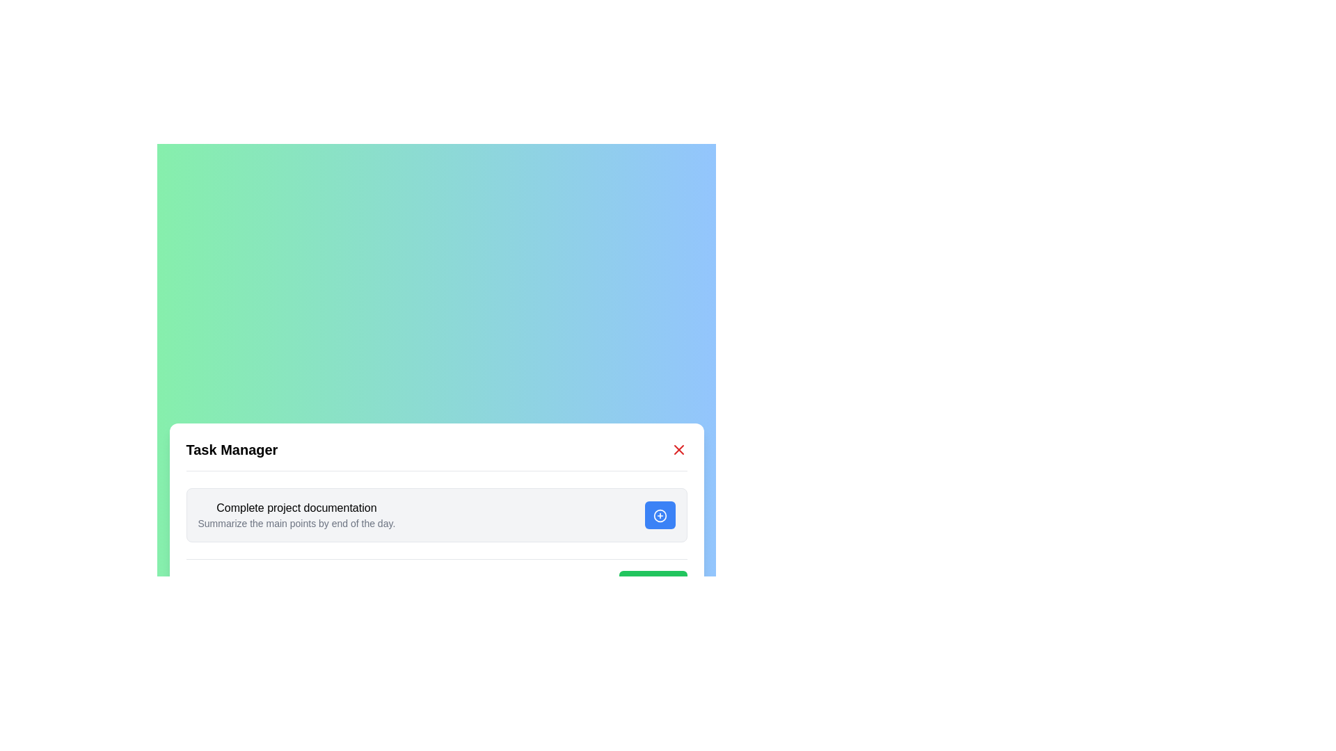 Image resolution: width=1336 pixels, height=751 pixels. What do you see at coordinates (678, 450) in the screenshot?
I see `the close button (X) in the top-right corner of the Task Manager dialog` at bounding box center [678, 450].